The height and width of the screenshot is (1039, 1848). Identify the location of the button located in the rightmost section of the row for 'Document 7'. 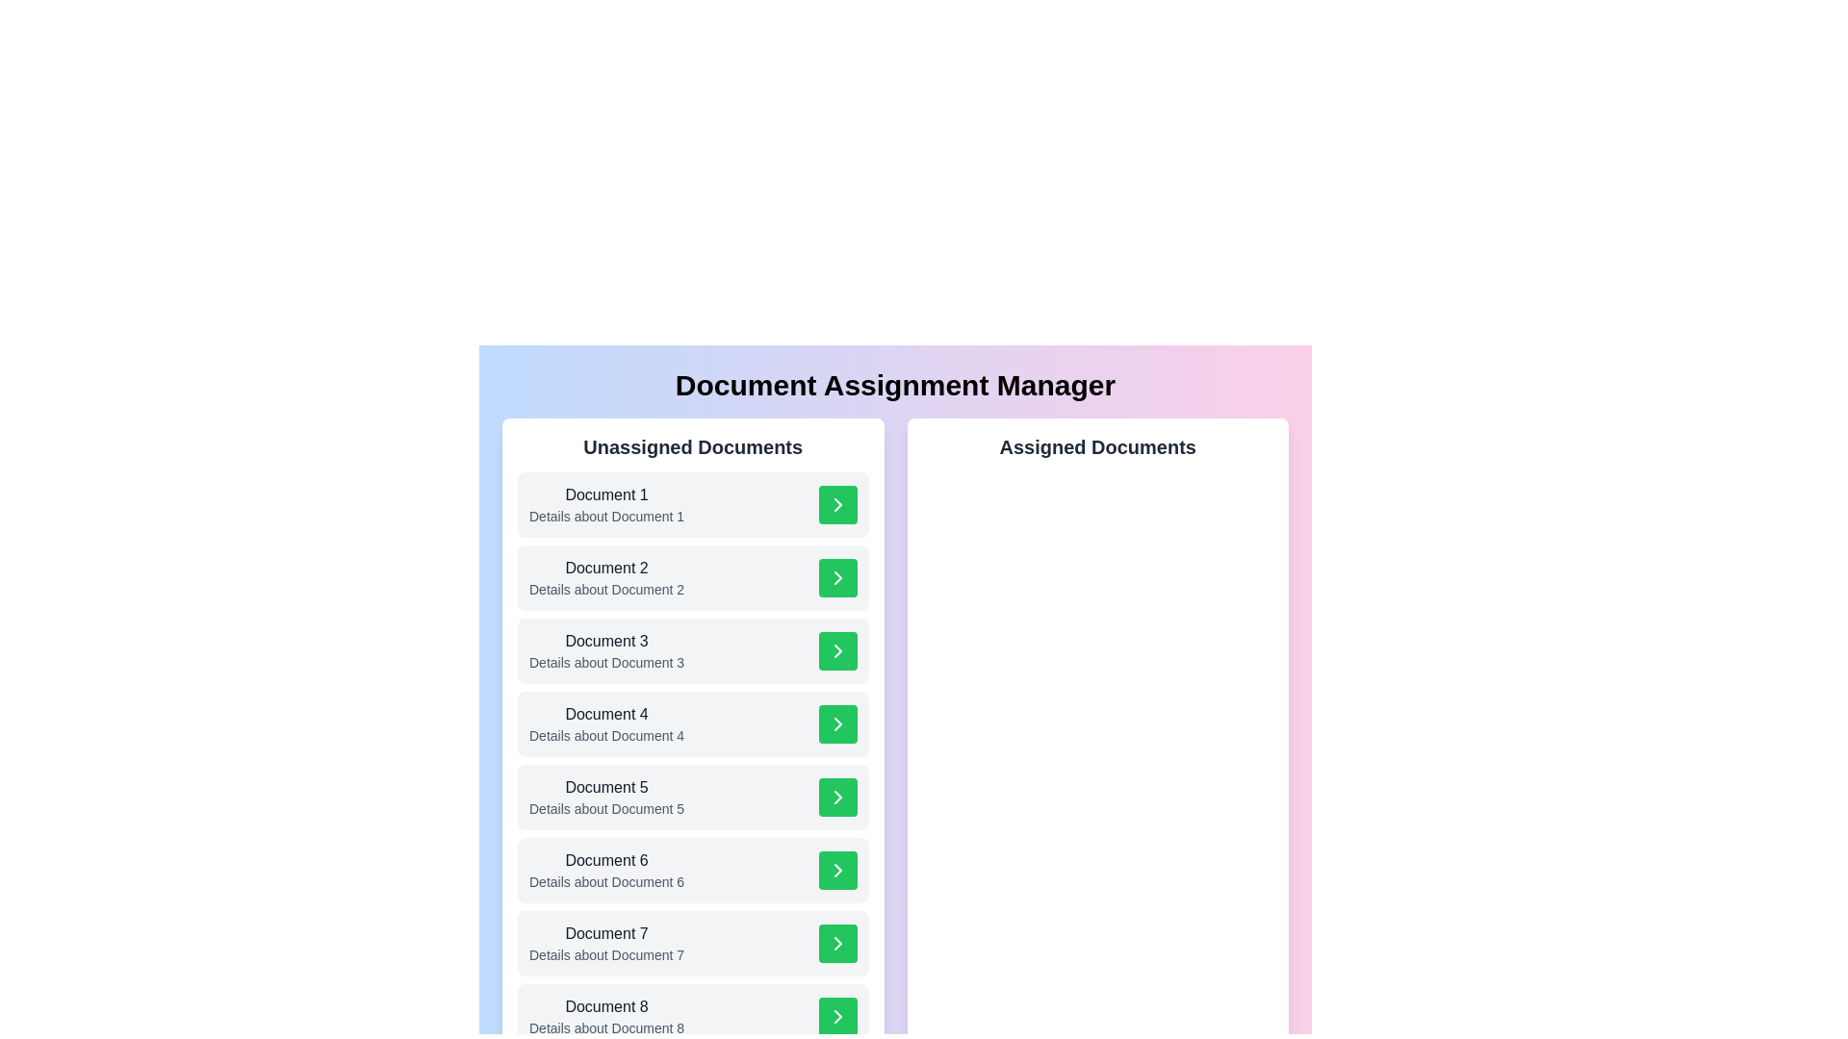
(837, 942).